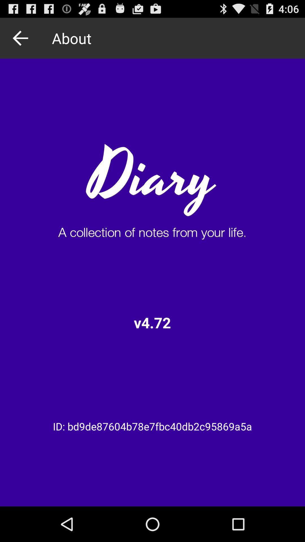 The width and height of the screenshot is (305, 542). I want to click on the arrow_backward icon, so click(22, 40).